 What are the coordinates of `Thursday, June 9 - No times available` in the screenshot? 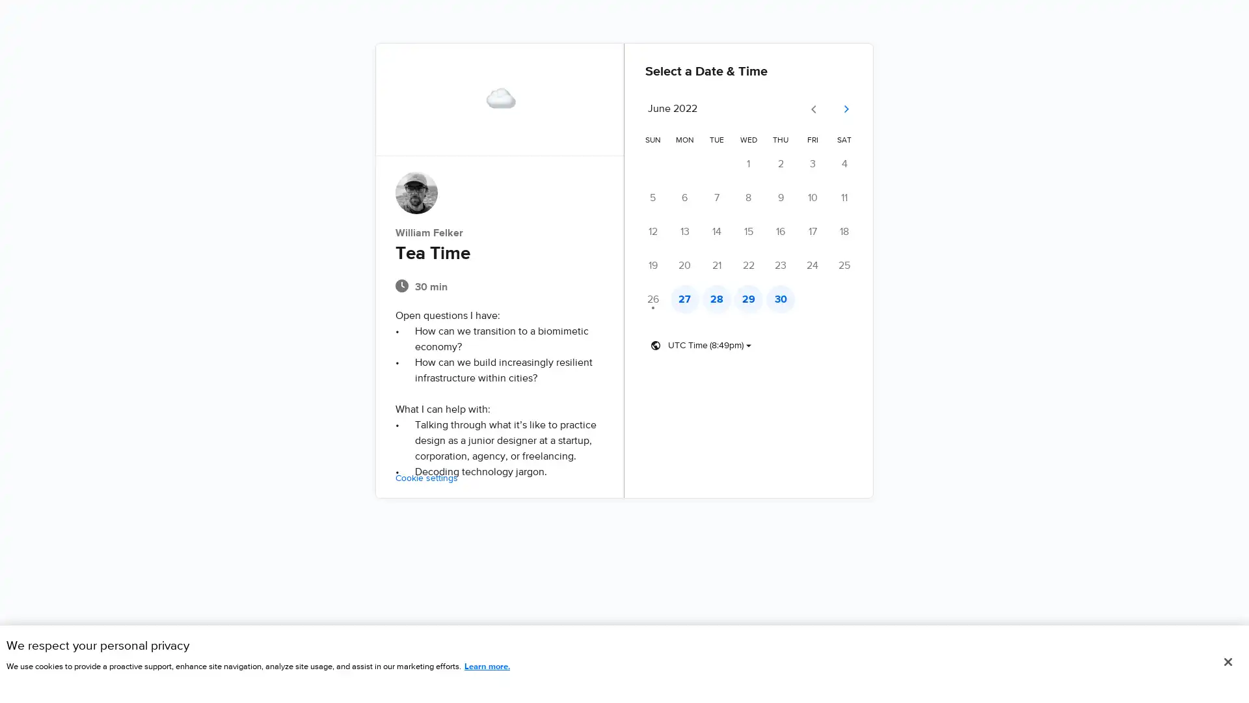 It's located at (786, 198).